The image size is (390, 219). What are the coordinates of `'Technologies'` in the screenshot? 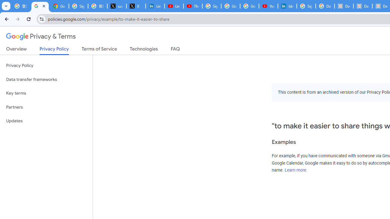 It's located at (144, 50).